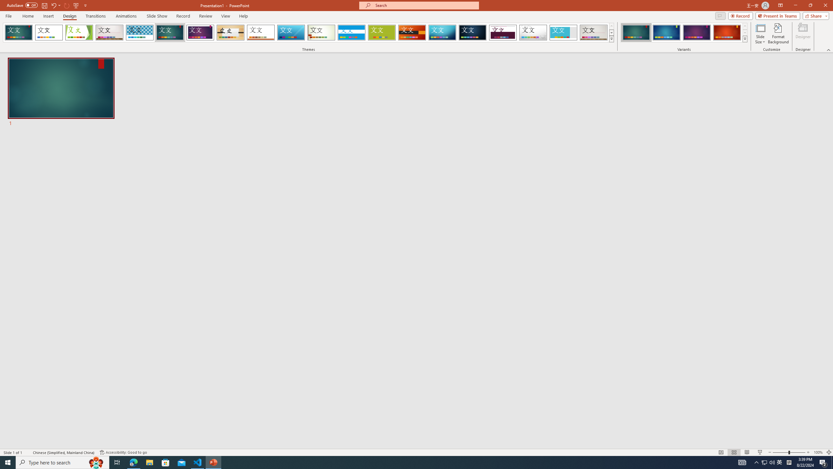  I want to click on 'Dividend Loading Preview...', so click(503, 32).